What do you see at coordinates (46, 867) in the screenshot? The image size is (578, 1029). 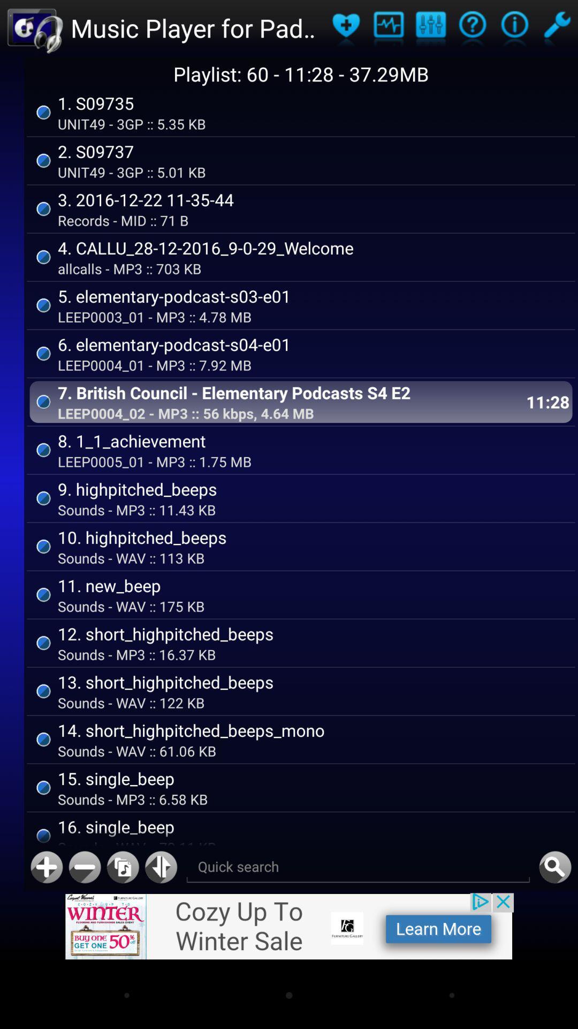 I see `an item to the list` at bounding box center [46, 867].